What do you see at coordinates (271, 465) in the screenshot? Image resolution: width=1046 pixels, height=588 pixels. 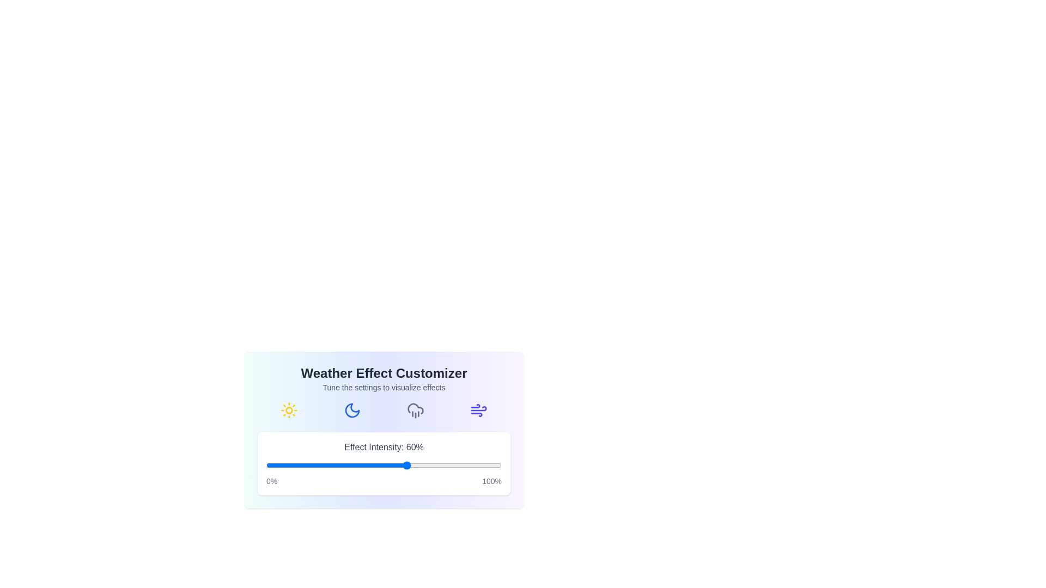 I see `the effect intensity` at bounding box center [271, 465].